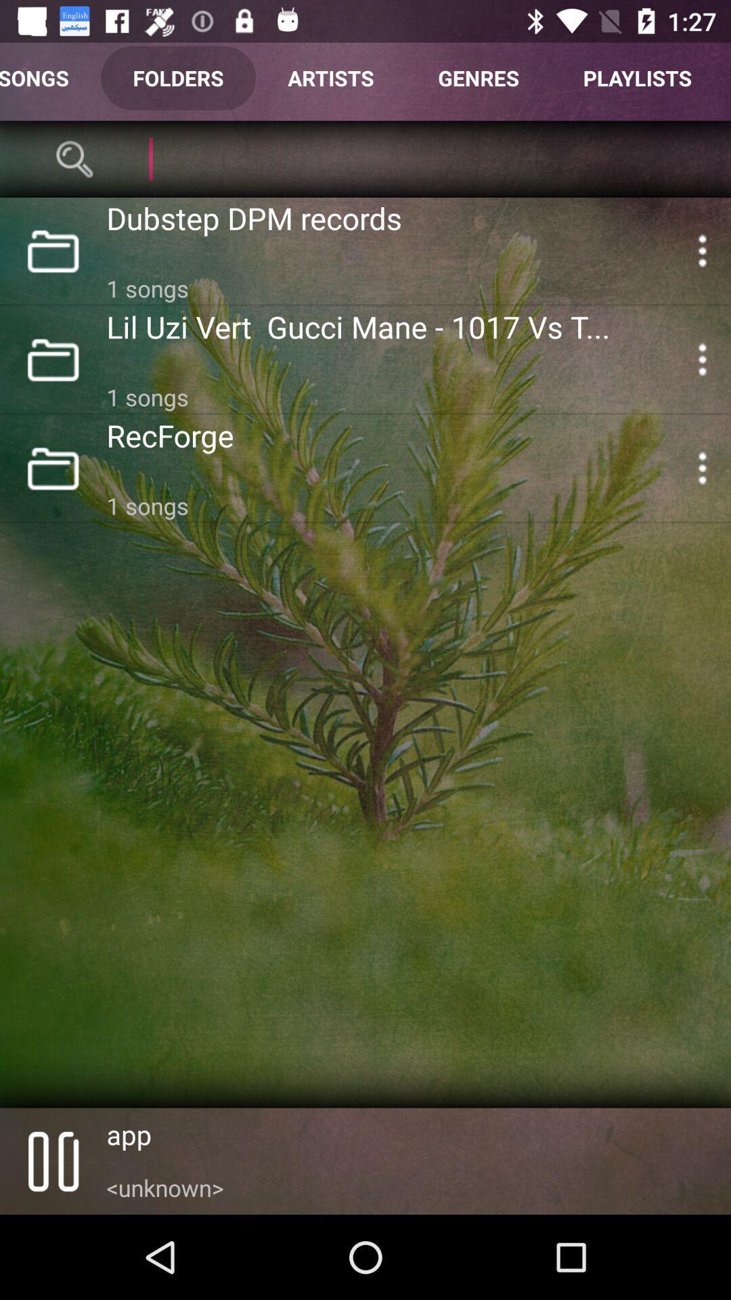  Describe the element at coordinates (331, 77) in the screenshot. I see `the button left to genres in the top menu bar` at that location.